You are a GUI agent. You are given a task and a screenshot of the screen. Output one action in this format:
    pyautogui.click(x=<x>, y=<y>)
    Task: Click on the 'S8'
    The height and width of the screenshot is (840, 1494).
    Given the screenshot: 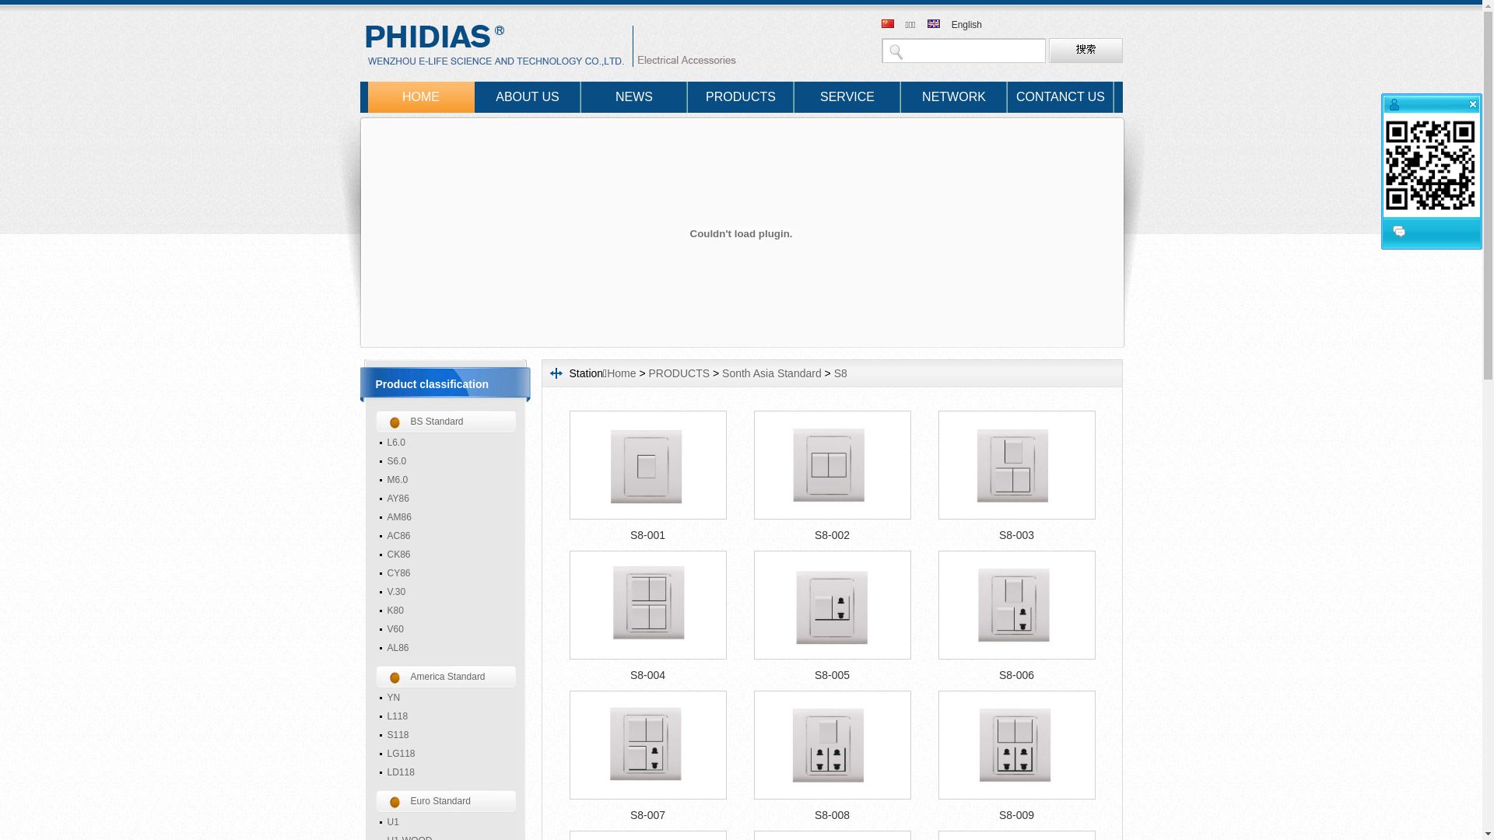 What is the action you would take?
    pyautogui.click(x=840, y=373)
    